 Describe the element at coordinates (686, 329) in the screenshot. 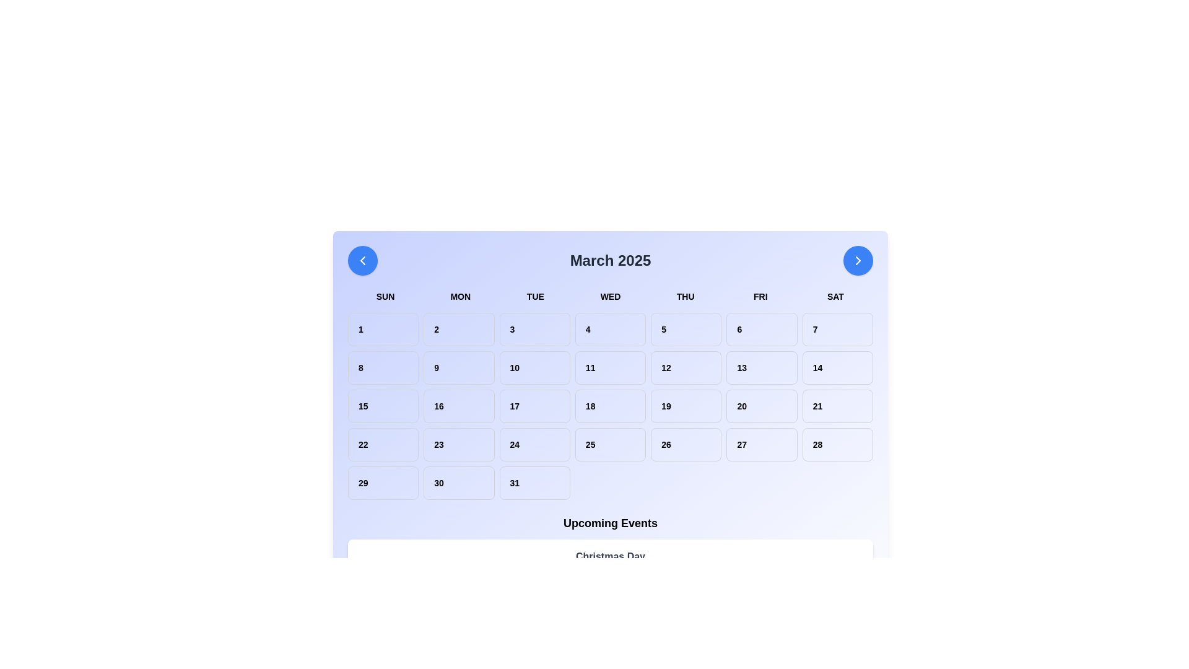

I see `the button representing the 5th day of the month in the calendar interface` at that location.